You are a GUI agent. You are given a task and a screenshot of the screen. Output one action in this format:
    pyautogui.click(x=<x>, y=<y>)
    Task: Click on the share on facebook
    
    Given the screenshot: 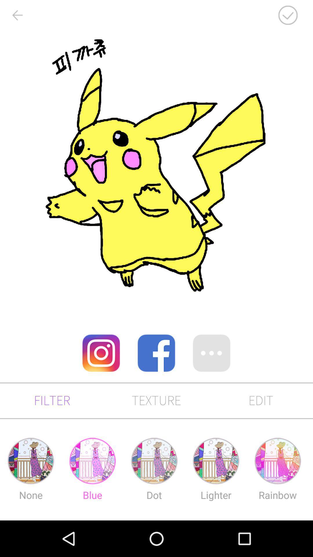 What is the action you would take?
    pyautogui.click(x=156, y=353)
    